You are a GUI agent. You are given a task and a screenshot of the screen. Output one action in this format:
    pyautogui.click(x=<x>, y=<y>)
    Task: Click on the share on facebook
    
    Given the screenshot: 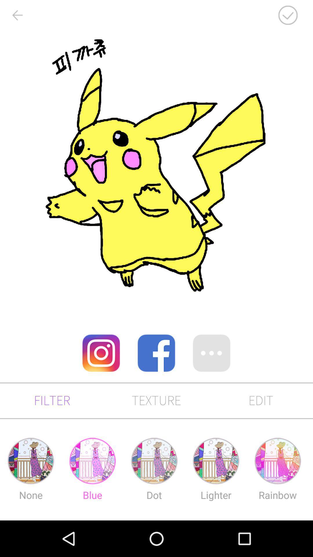 What is the action you would take?
    pyautogui.click(x=156, y=353)
    